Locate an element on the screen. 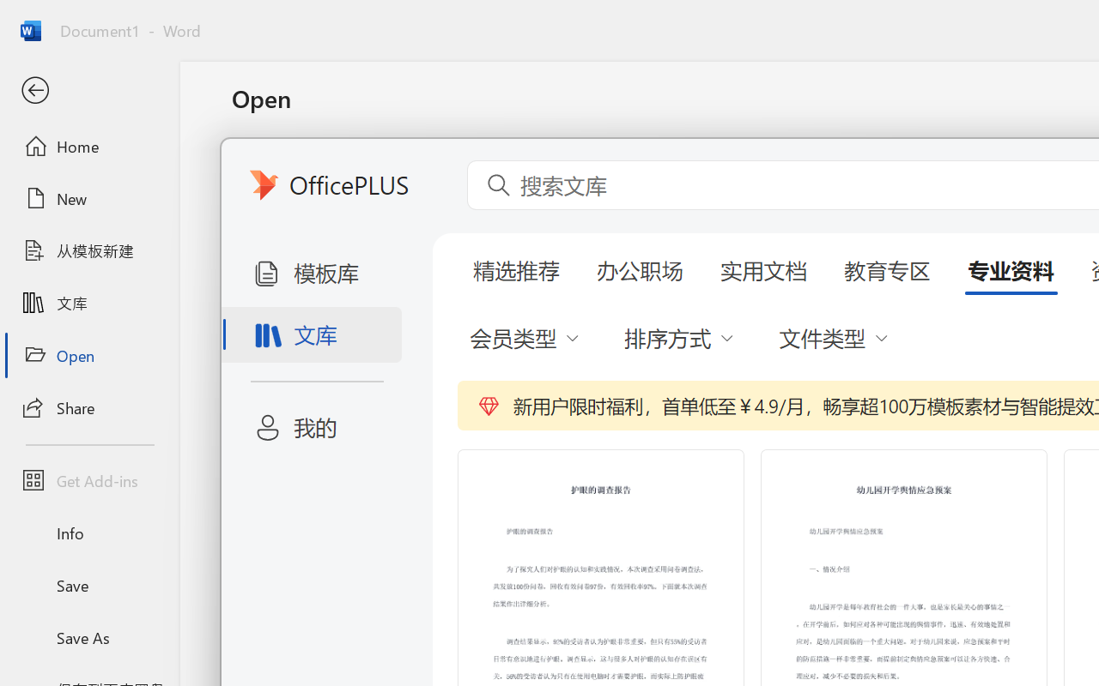 The width and height of the screenshot is (1099, 686). 'Get Add-ins' is located at coordinates (88, 480).